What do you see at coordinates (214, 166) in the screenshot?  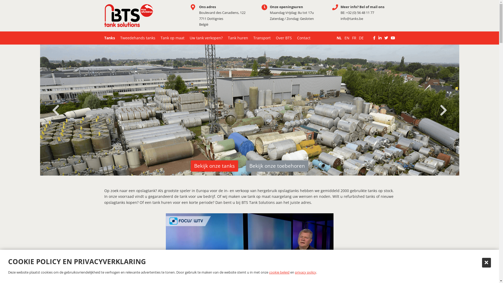 I see `'Bekijk onze tanks'` at bounding box center [214, 166].